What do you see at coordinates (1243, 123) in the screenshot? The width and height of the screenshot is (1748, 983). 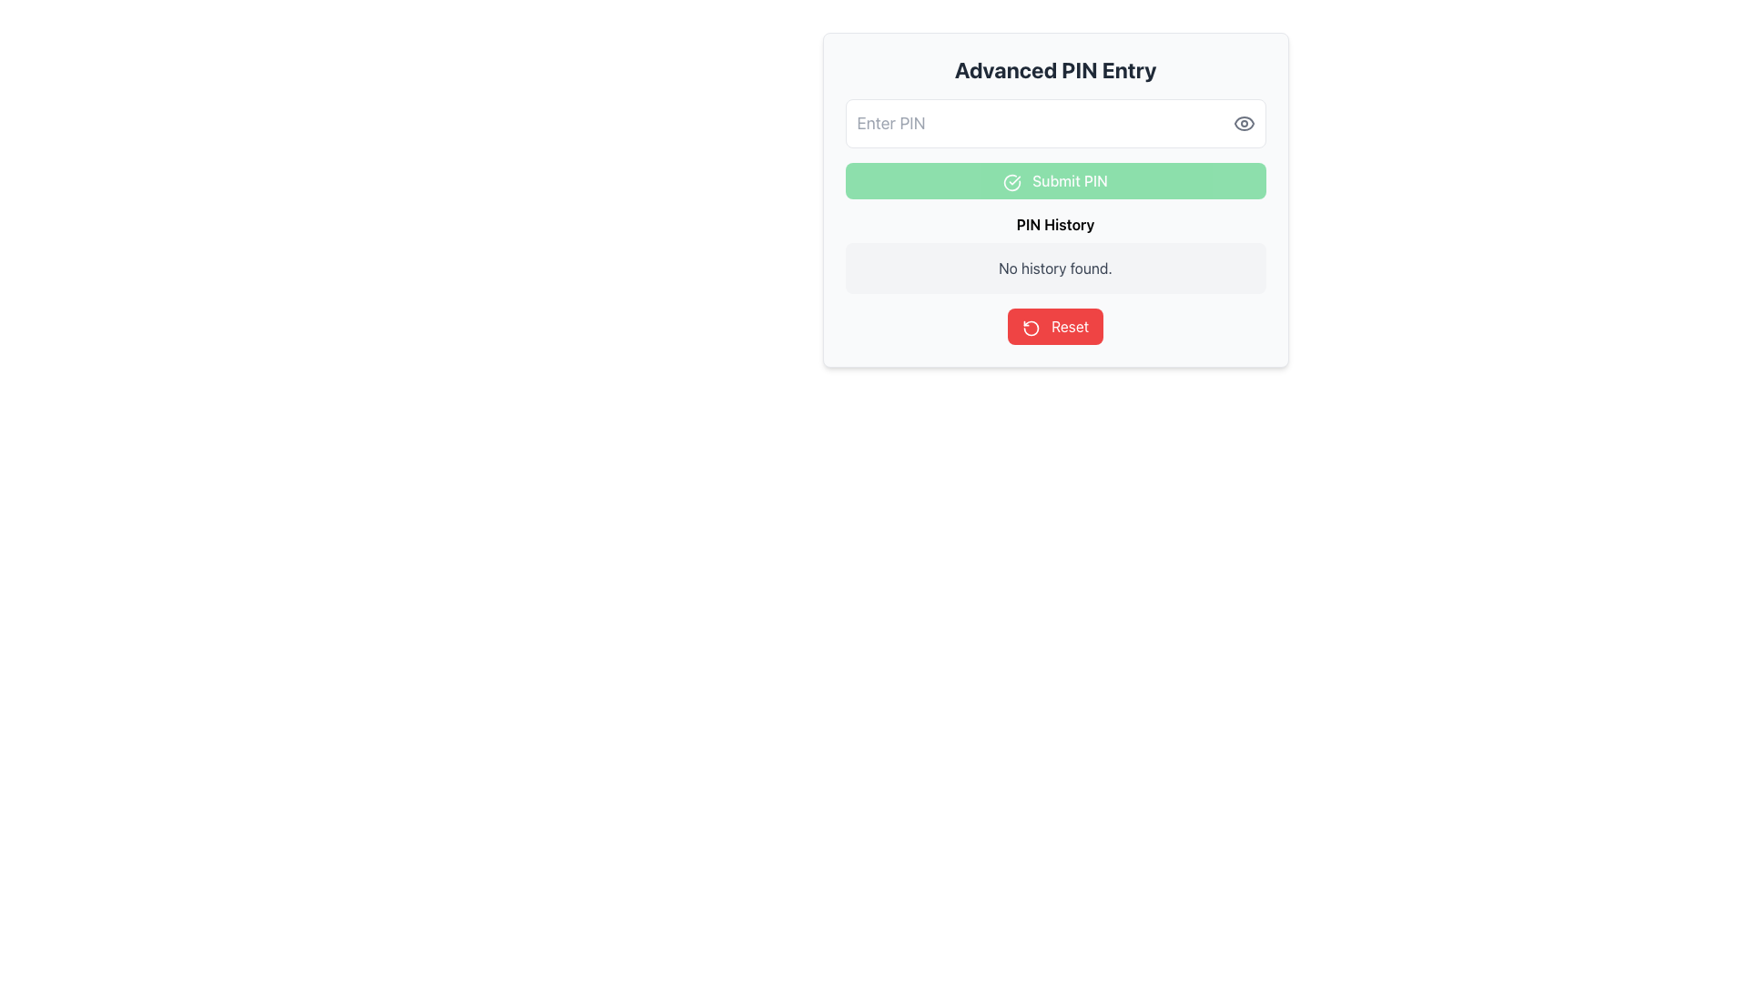 I see `the eye icon that serves as a visibility toggle for the 'Enter PIN' input field` at bounding box center [1243, 123].